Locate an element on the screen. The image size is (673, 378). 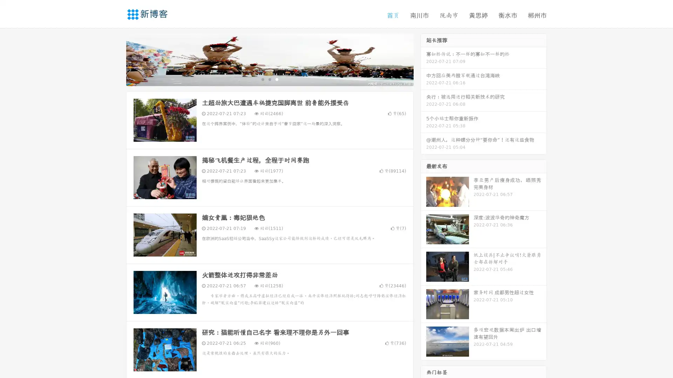
Next slide is located at coordinates (423, 59).